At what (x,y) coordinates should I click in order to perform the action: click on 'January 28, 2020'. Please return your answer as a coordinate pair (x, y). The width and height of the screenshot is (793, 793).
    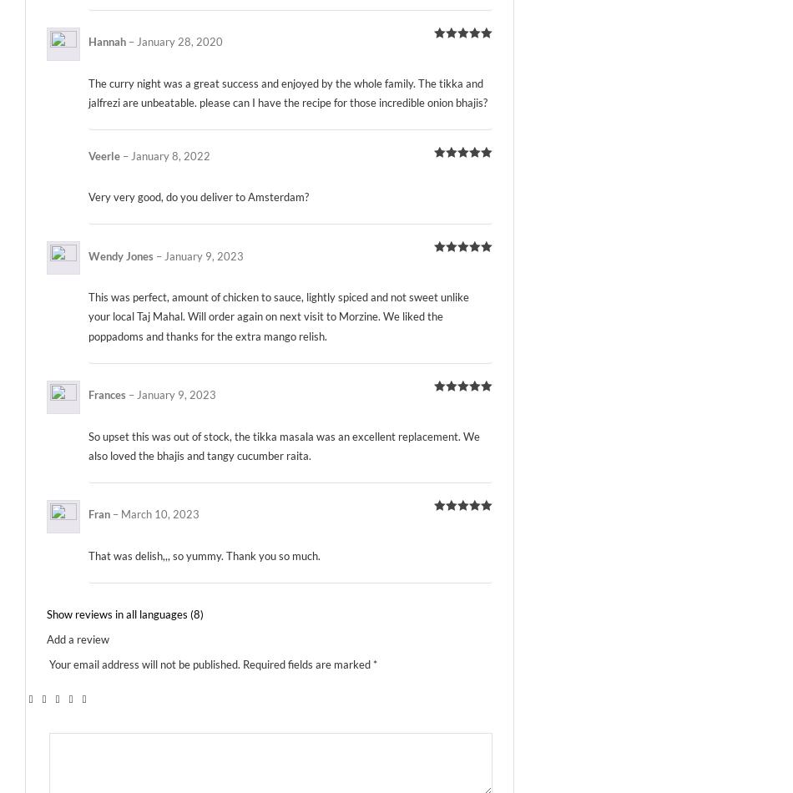
    Looking at the image, I should click on (179, 41).